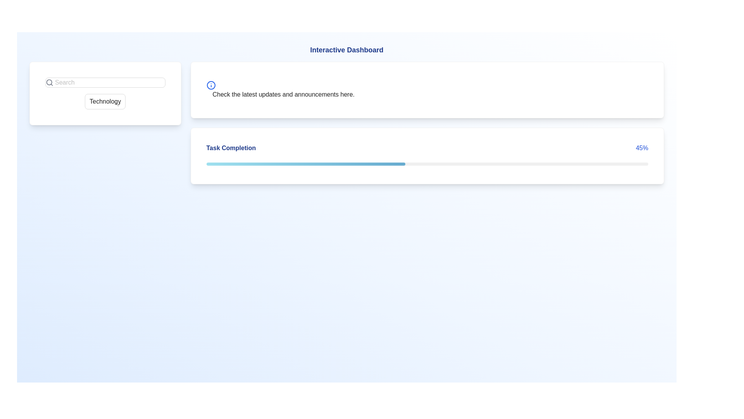 The width and height of the screenshot is (744, 419). Describe the element at coordinates (105, 101) in the screenshot. I see `the dropdown menu for Technology options located below the search box` at that location.